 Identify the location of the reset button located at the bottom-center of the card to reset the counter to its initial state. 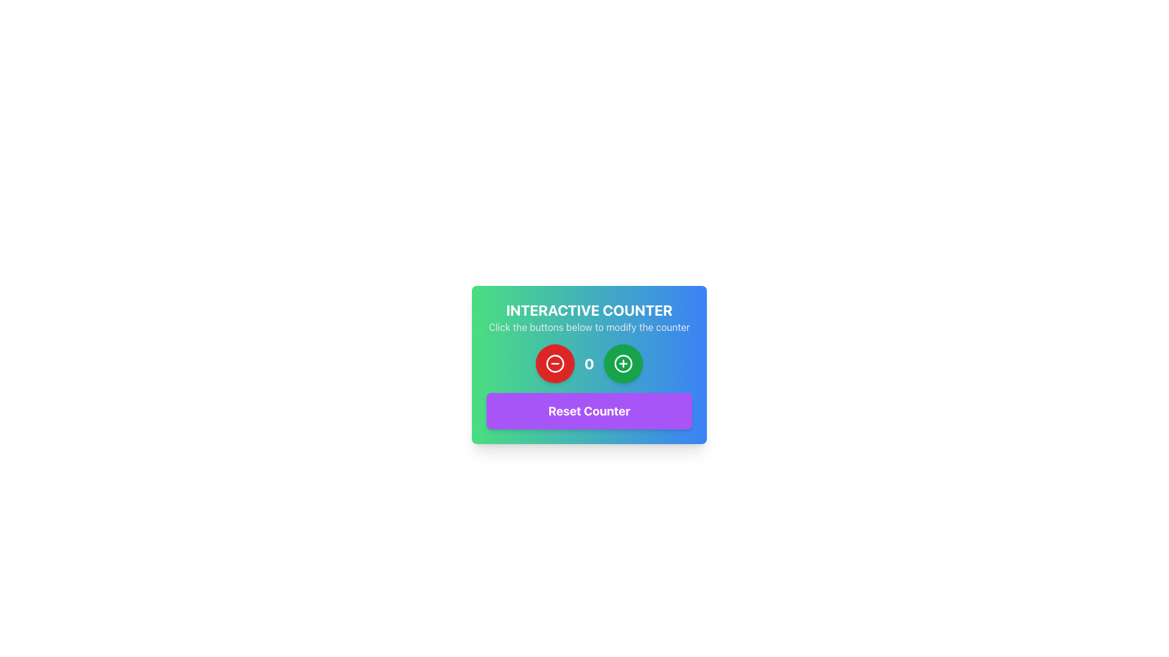
(589, 411).